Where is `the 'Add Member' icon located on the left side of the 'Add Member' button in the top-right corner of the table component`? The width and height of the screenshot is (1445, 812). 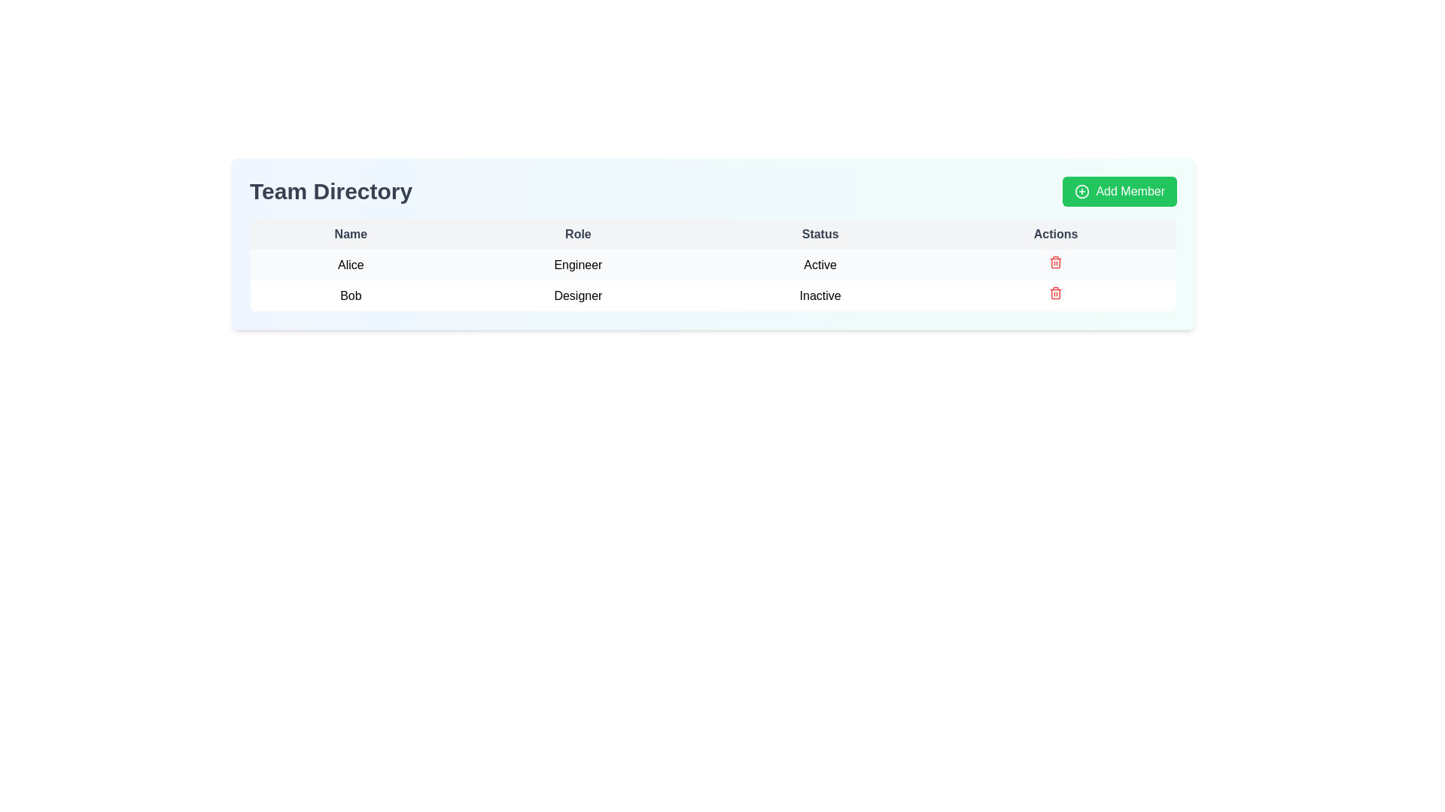
the 'Add Member' icon located on the left side of the 'Add Member' button in the top-right corner of the table component is located at coordinates (1081, 190).